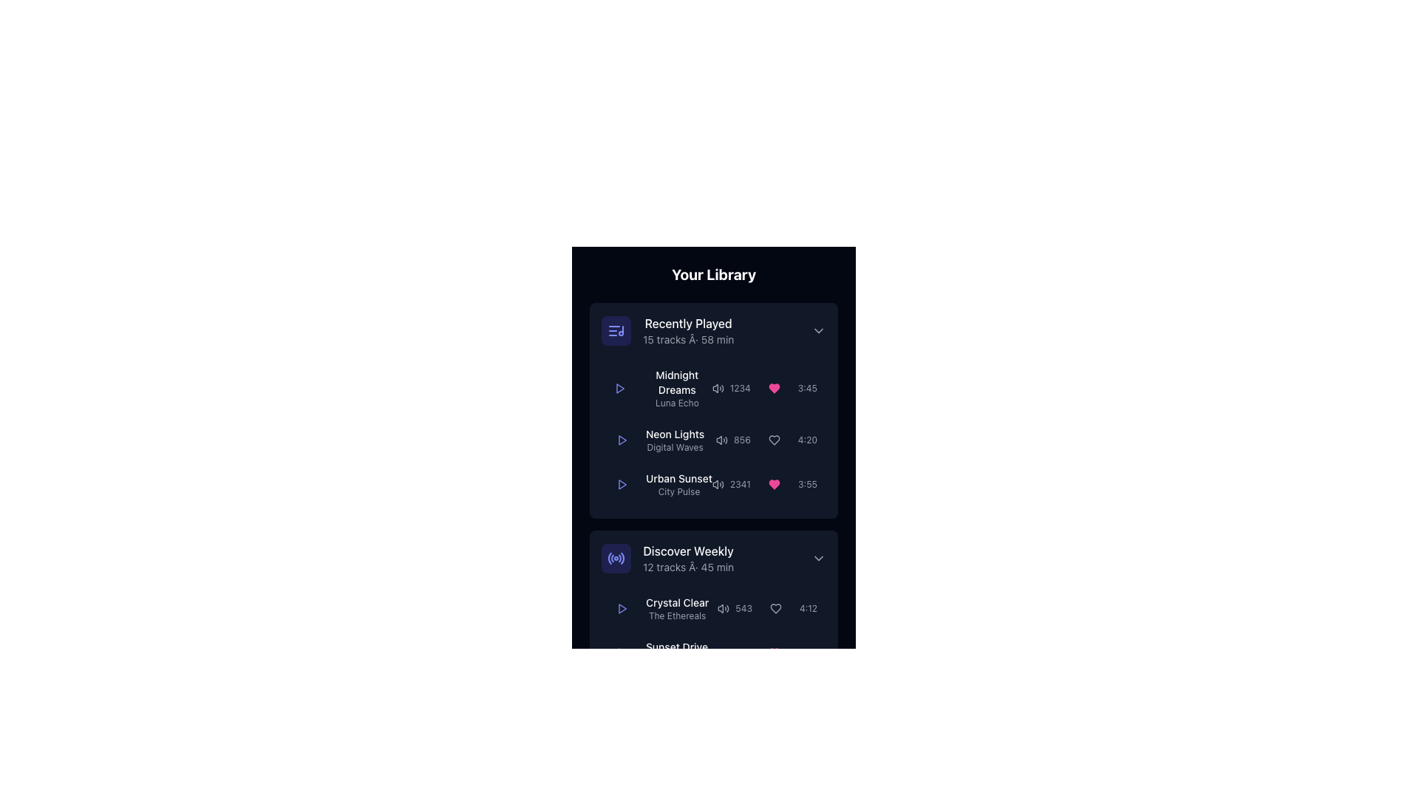 The image size is (1419, 798). I want to click on the heart icon indicating the 'like' status for the 'Urban Sunset' track in the 'Recently Played' section, so click(764, 484).